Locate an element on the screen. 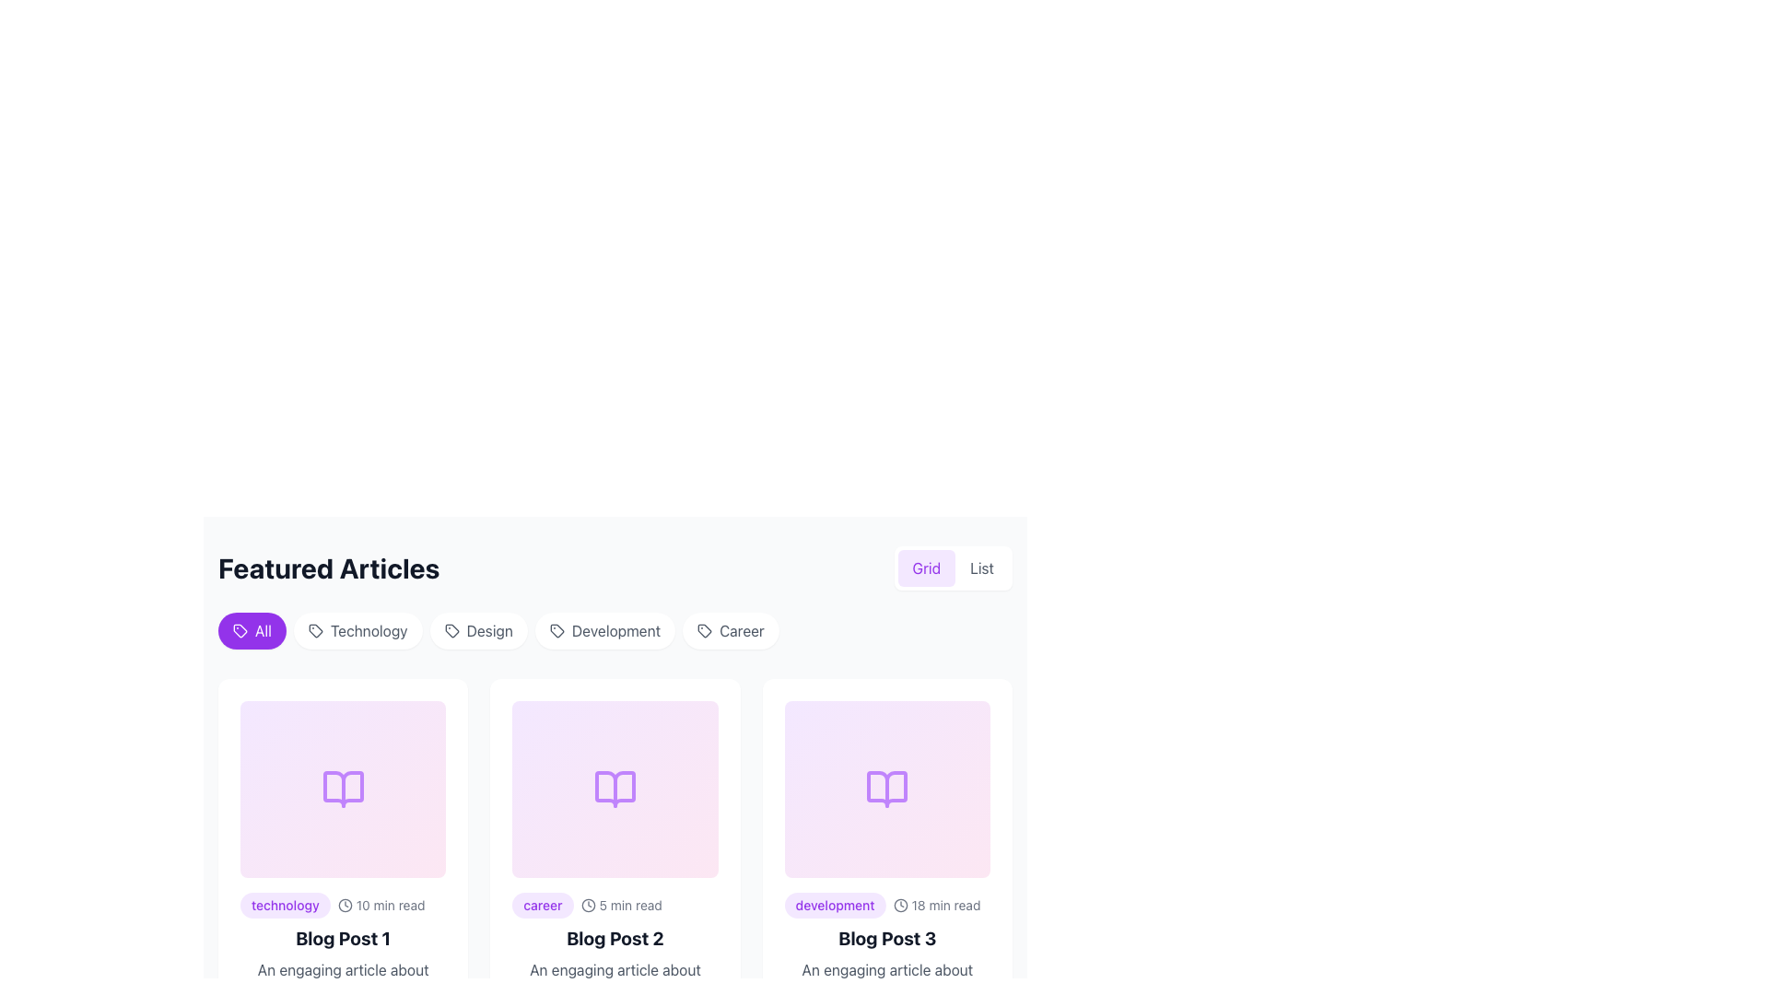 The height and width of the screenshot is (995, 1769). the 'Career' button, which is a rounded rectangular button with a white background and gray text, located in the bottom right part of a horizontal list of buttons is located at coordinates (730, 630).